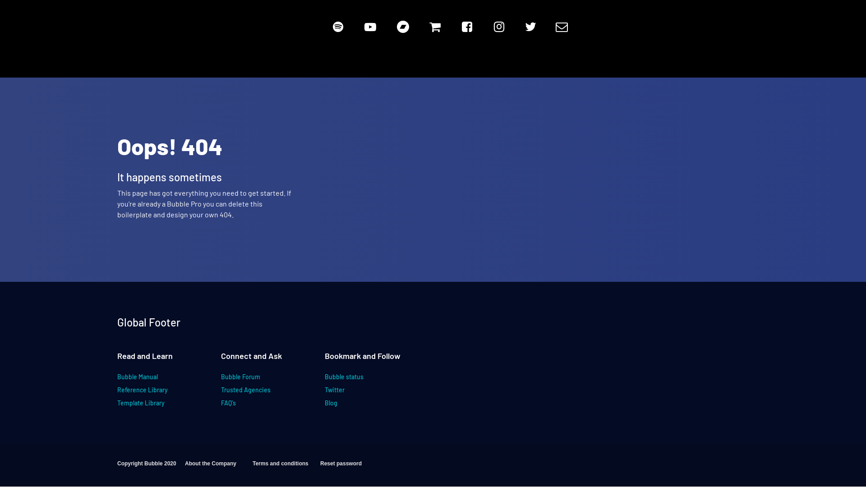 The width and height of the screenshot is (866, 487). What do you see at coordinates (218, 467) in the screenshot?
I see `'About the Company'` at bounding box center [218, 467].